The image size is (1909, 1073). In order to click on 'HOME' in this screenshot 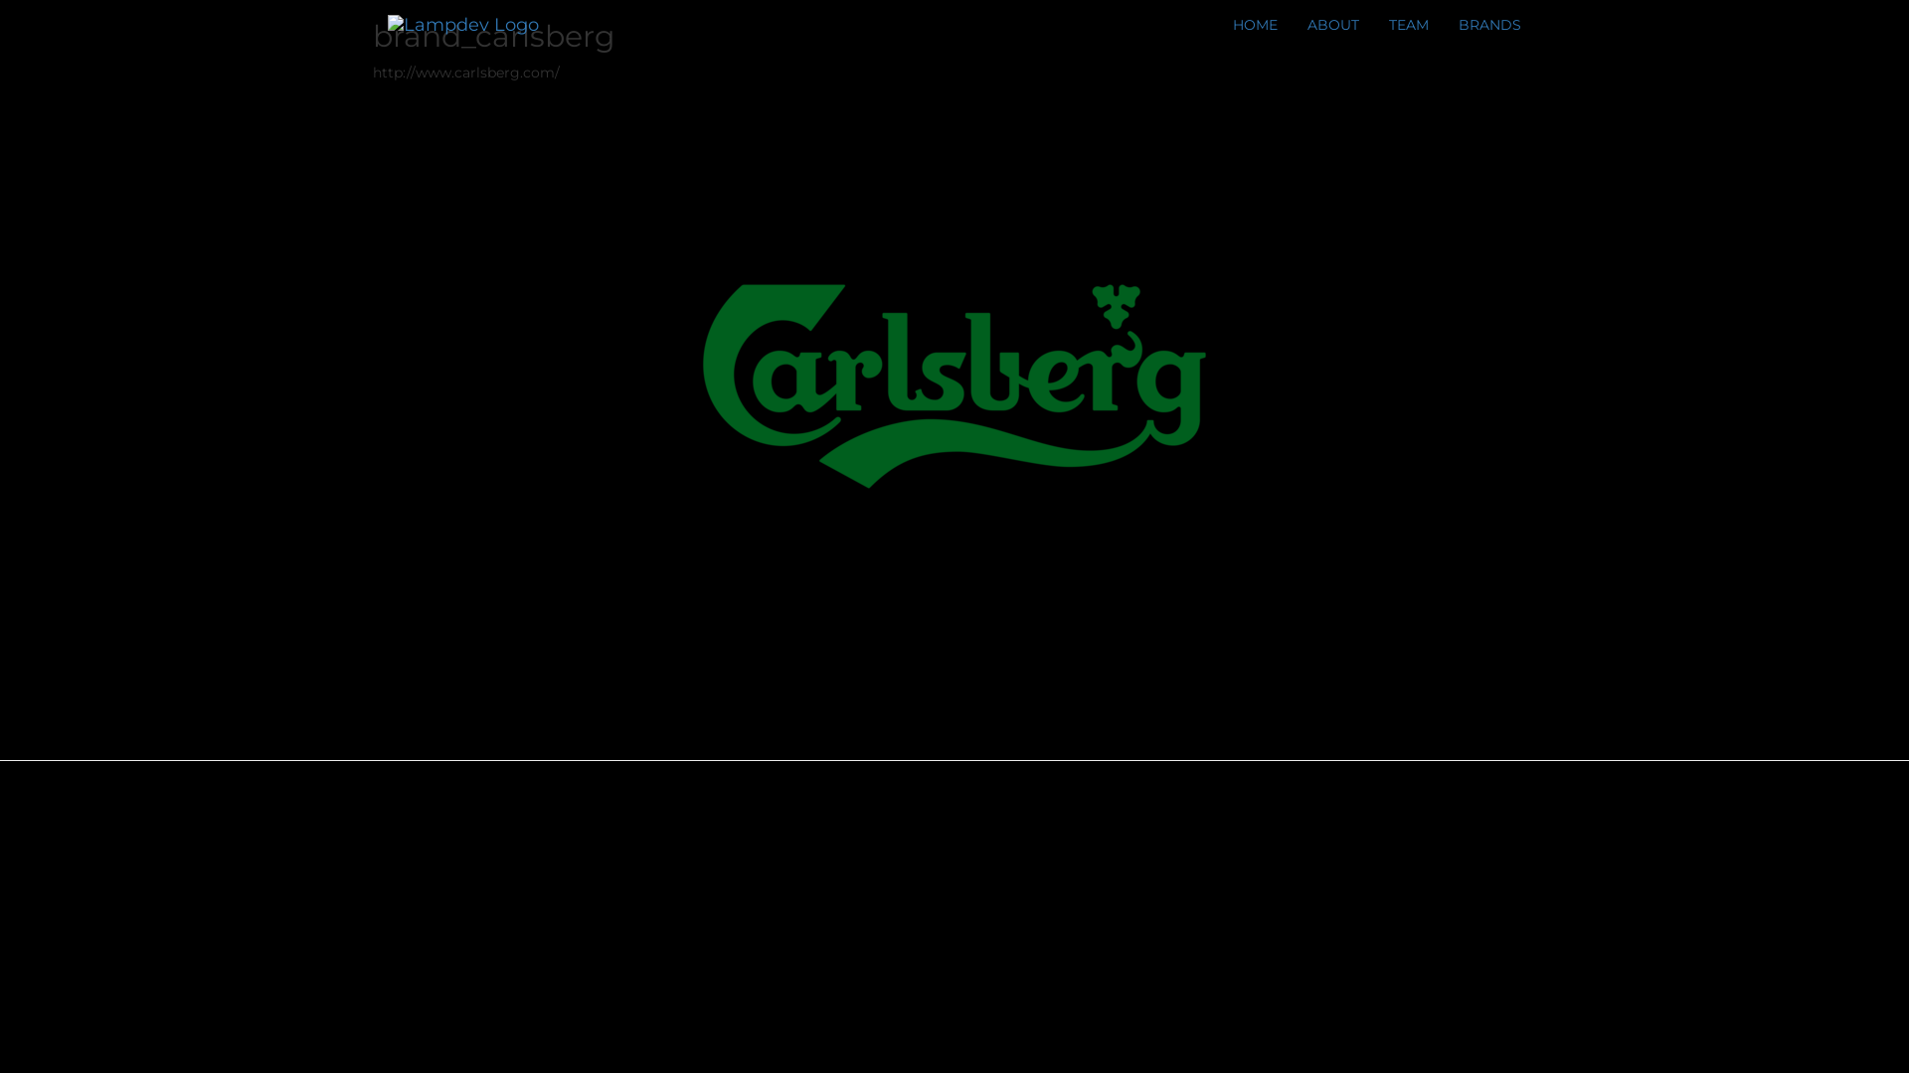, I will do `click(1216, 24)`.